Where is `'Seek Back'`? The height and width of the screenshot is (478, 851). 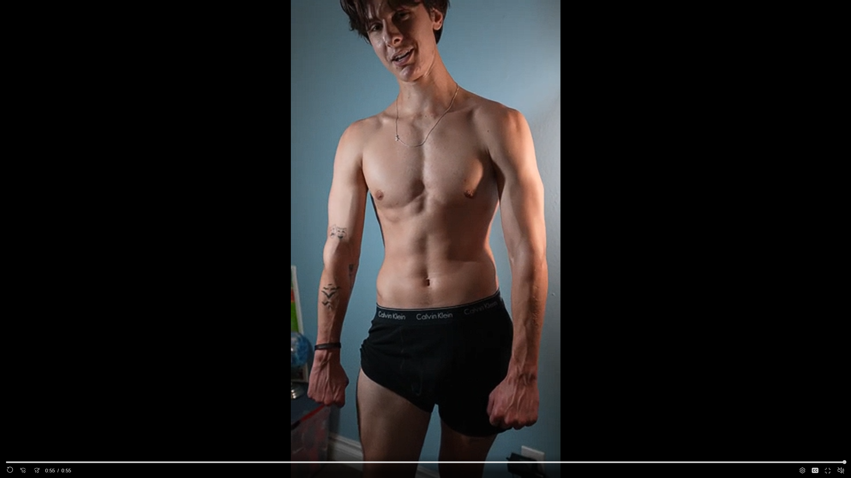 'Seek Back' is located at coordinates (23, 470).